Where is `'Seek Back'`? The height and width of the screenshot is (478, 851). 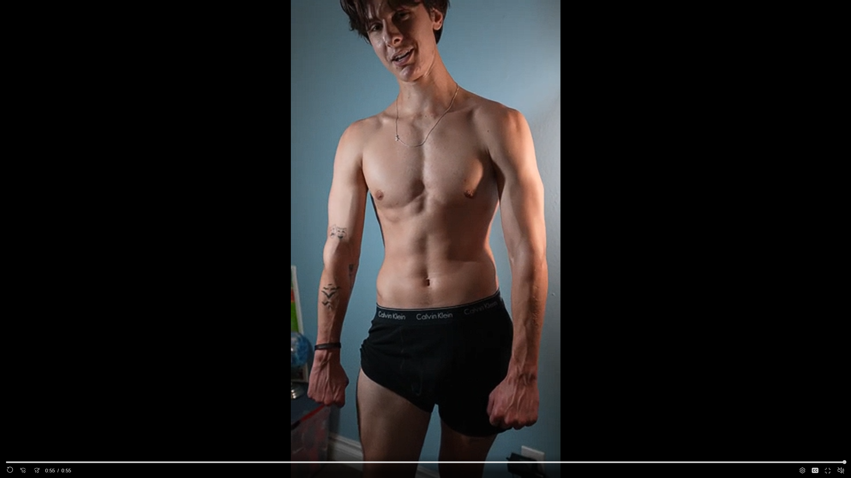 'Seek Back' is located at coordinates (23, 470).